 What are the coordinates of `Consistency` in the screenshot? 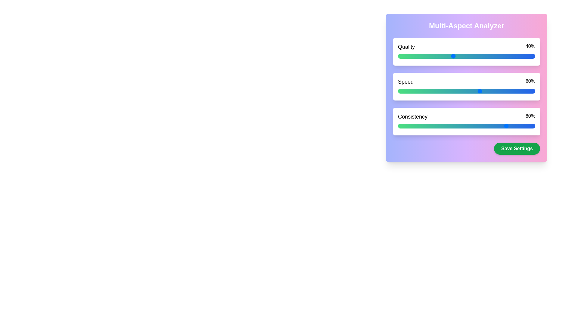 It's located at (473, 126).